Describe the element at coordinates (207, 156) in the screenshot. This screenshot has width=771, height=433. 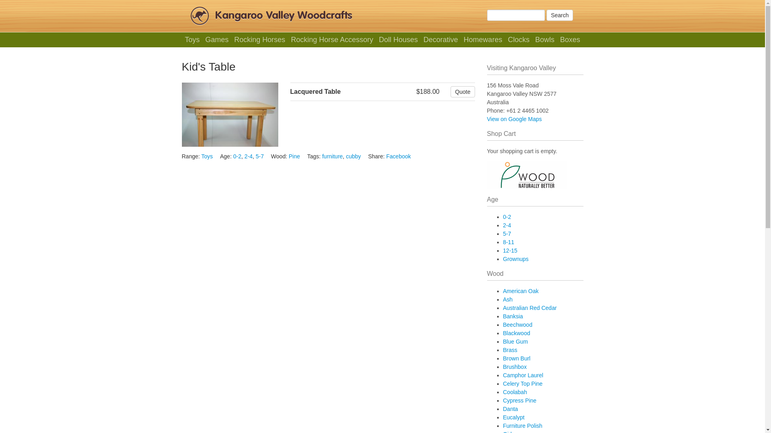
I see `'Toys'` at that location.